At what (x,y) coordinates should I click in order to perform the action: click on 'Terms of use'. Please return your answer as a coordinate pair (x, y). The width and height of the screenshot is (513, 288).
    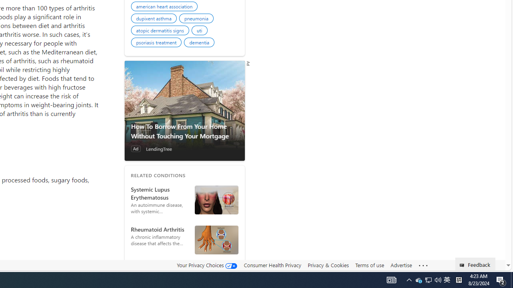
    Looking at the image, I should click on (369, 265).